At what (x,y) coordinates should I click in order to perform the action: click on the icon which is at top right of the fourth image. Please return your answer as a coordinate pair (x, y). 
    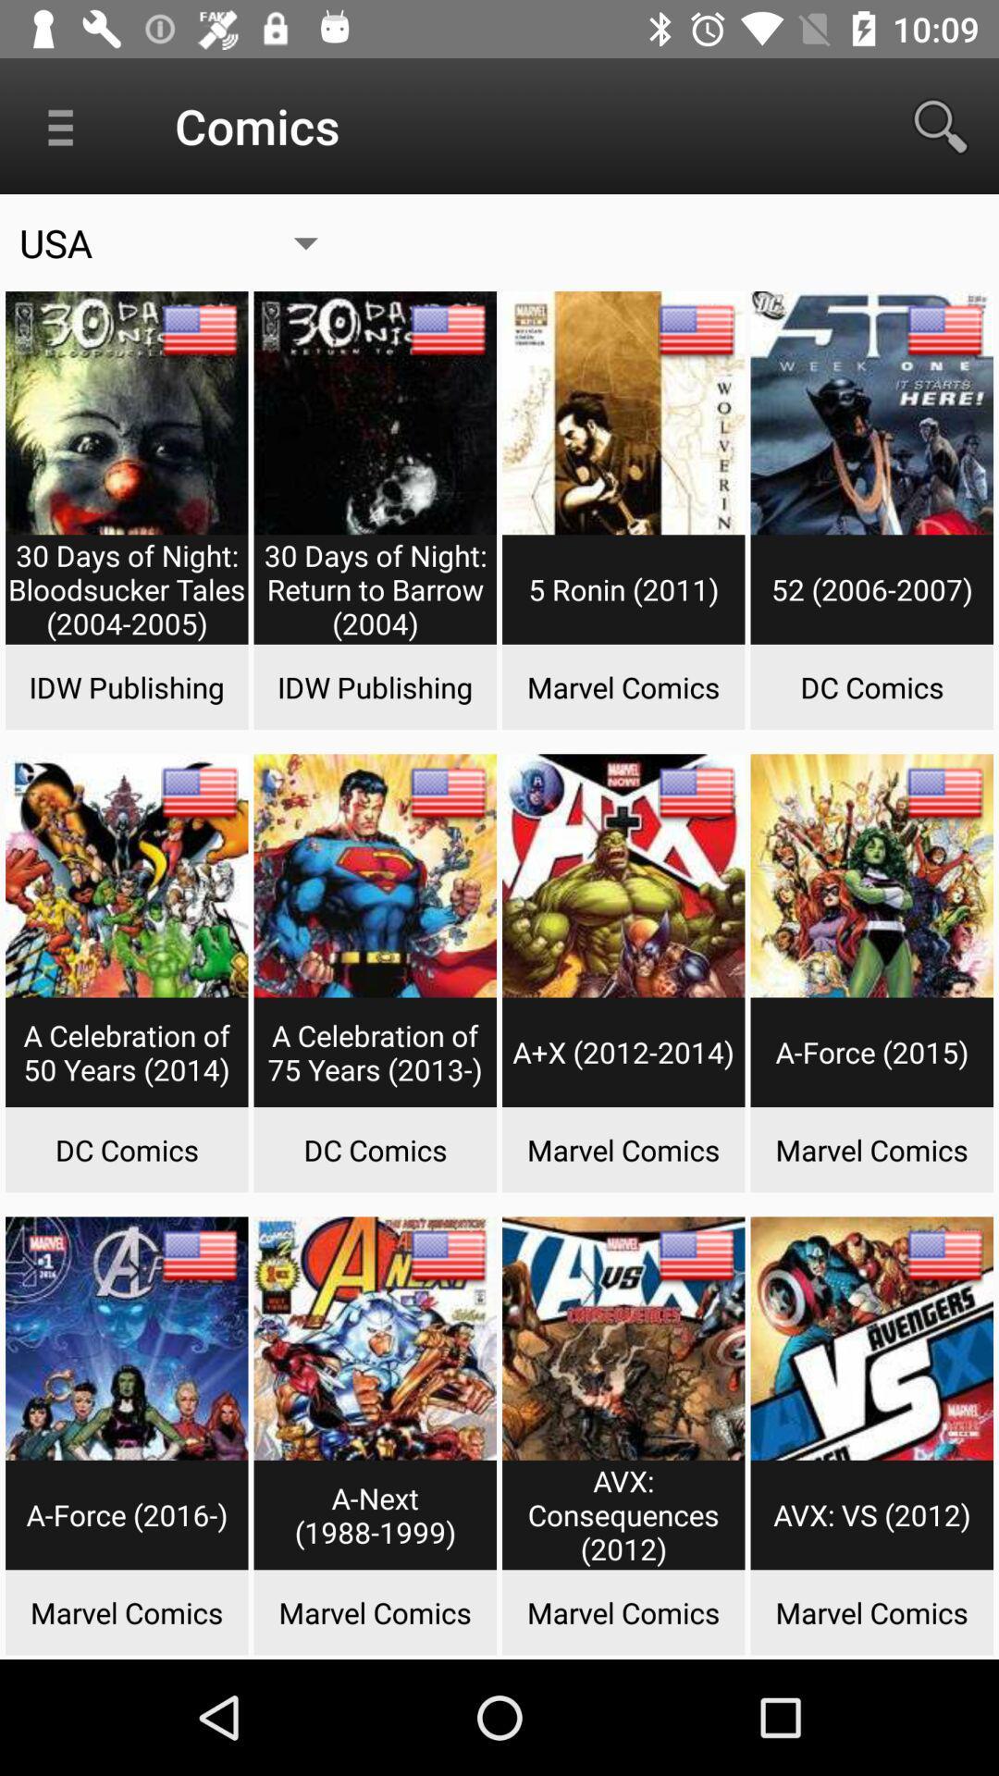
    Looking at the image, I should click on (945, 329).